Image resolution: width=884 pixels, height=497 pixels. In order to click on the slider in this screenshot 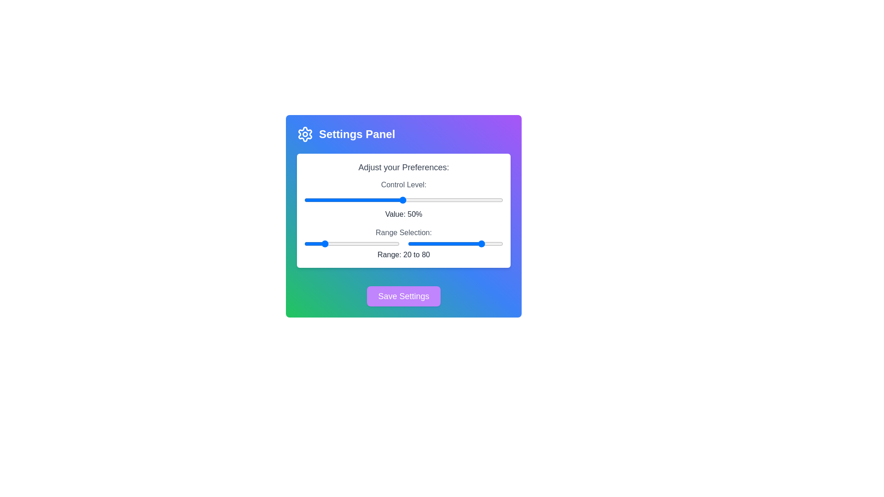, I will do `click(457, 243)`.